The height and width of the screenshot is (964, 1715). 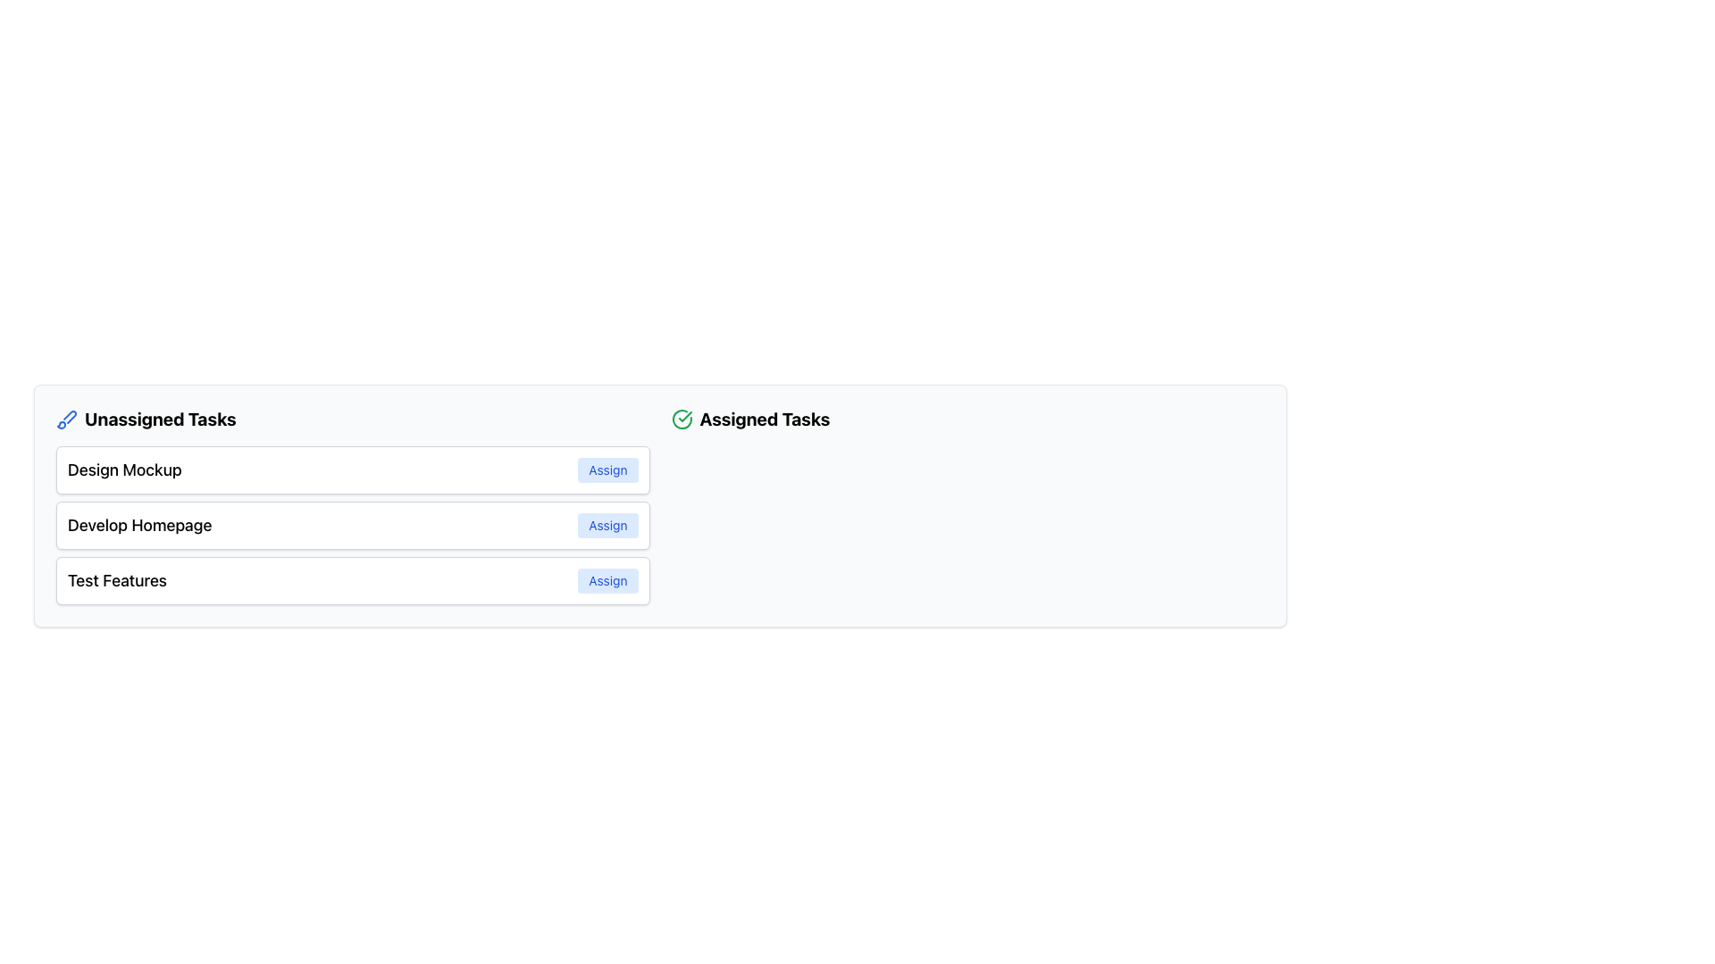 What do you see at coordinates (353, 525) in the screenshot?
I see `the 'Develop Homepage' task item in the 'Unassigned Tasks' list` at bounding box center [353, 525].